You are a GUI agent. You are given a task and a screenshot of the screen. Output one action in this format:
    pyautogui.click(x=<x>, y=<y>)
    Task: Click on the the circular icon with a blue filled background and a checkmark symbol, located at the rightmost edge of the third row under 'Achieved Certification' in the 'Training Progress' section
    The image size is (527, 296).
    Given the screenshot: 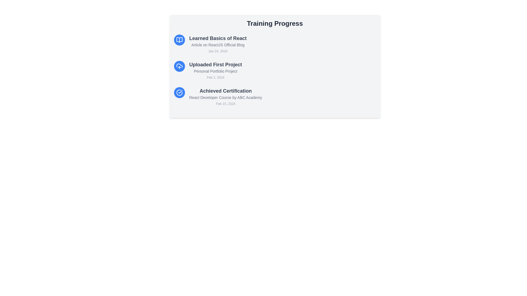 What is the action you would take?
    pyautogui.click(x=179, y=92)
    